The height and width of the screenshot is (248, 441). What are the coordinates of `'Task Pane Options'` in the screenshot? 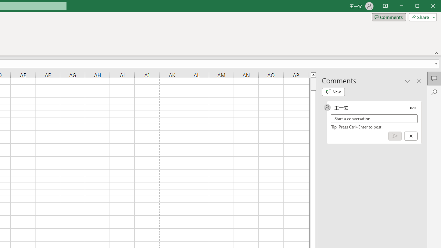 It's located at (408, 81).